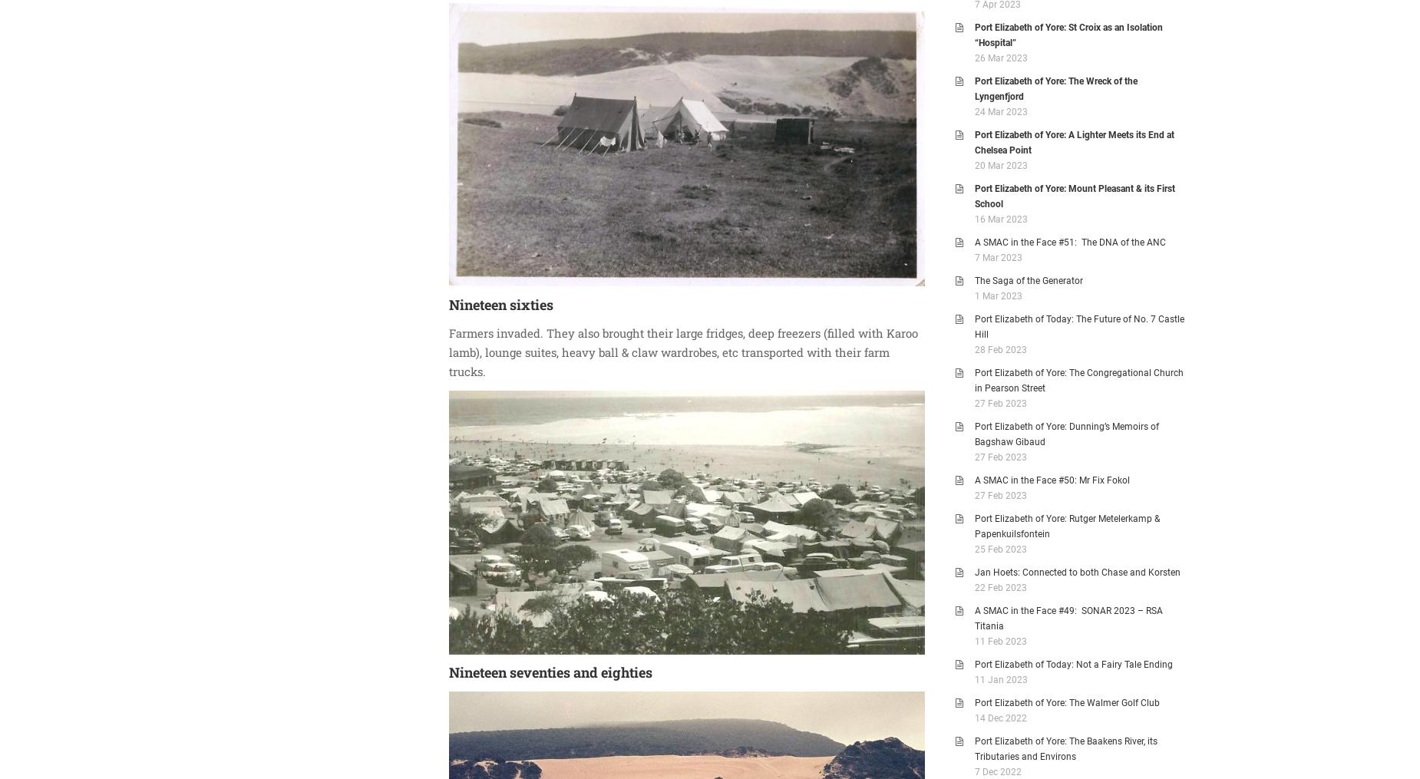  I want to click on 'A SMAC in the Face #51:  The DNA of the ANC', so click(1070, 241).